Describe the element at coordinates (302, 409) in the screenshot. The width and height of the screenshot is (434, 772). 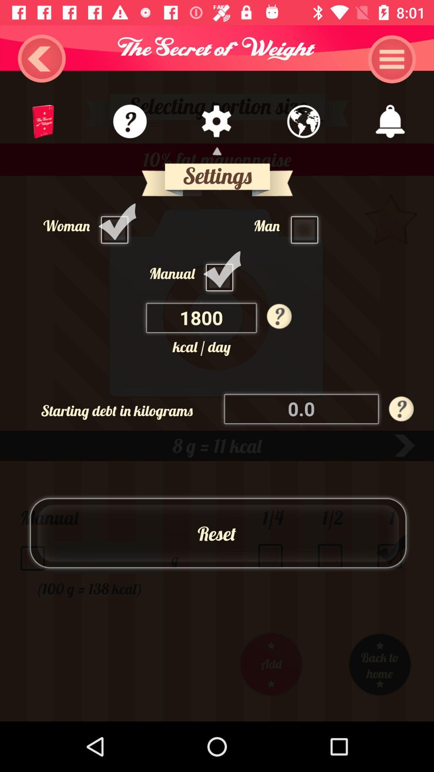
I see `show the hilograms` at that location.